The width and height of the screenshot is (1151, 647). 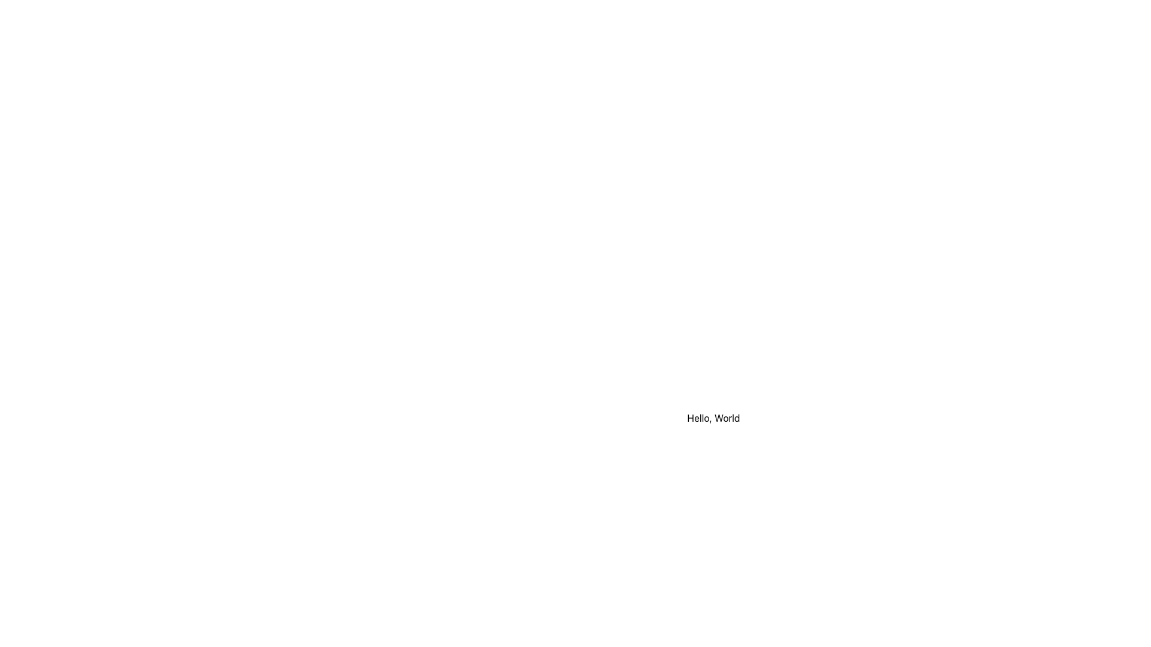 I want to click on the text element displaying 'Hello, World' which is centered within a white background box, so click(x=713, y=418).